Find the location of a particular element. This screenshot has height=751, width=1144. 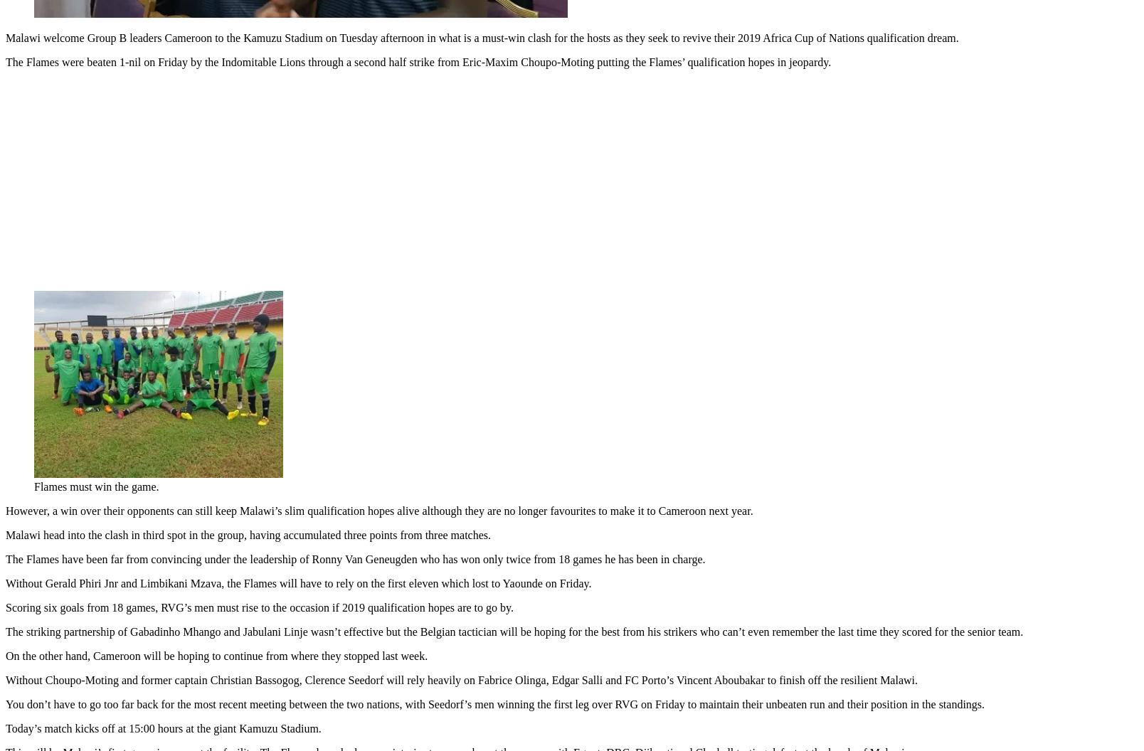

'However, a win over their opponents can still keep Malawi’s slim qualification hopes alive although they are no longer favourites to make it to Cameroon next year.' is located at coordinates (379, 508).